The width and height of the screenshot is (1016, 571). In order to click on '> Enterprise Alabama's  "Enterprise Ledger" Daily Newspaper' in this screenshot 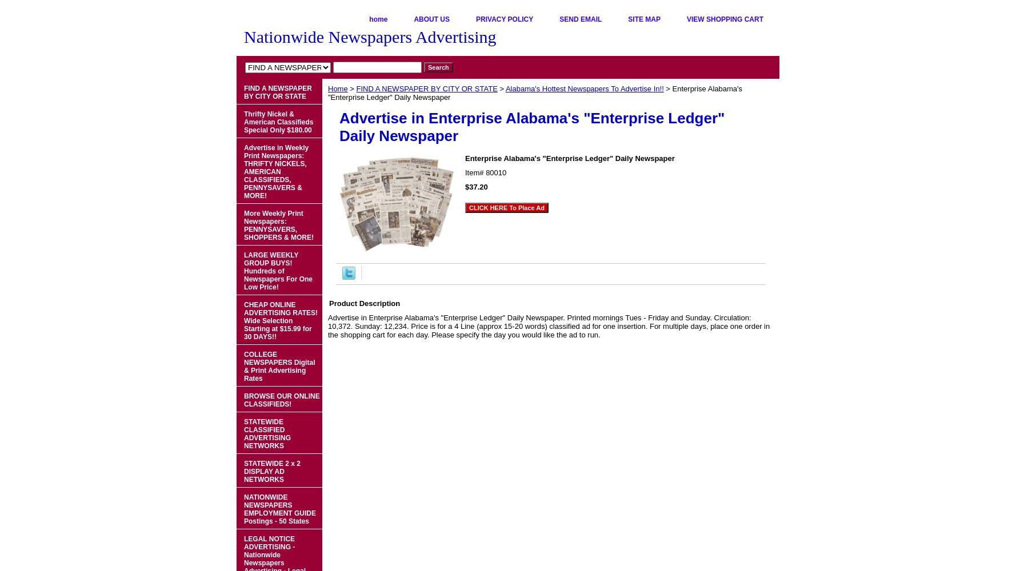, I will do `click(327, 93)`.